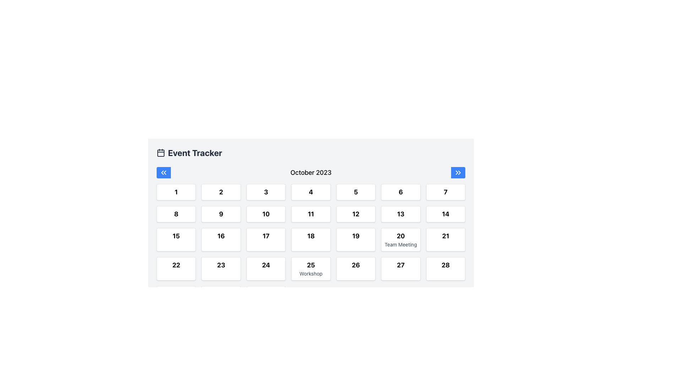 The width and height of the screenshot is (682, 383). What do you see at coordinates (356, 265) in the screenshot?
I see `the button displaying the date 26 in the calendar interface` at bounding box center [356, 265].